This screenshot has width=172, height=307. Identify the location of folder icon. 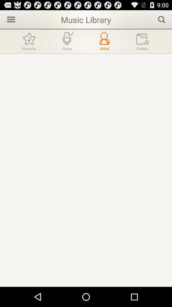
(142, 41).